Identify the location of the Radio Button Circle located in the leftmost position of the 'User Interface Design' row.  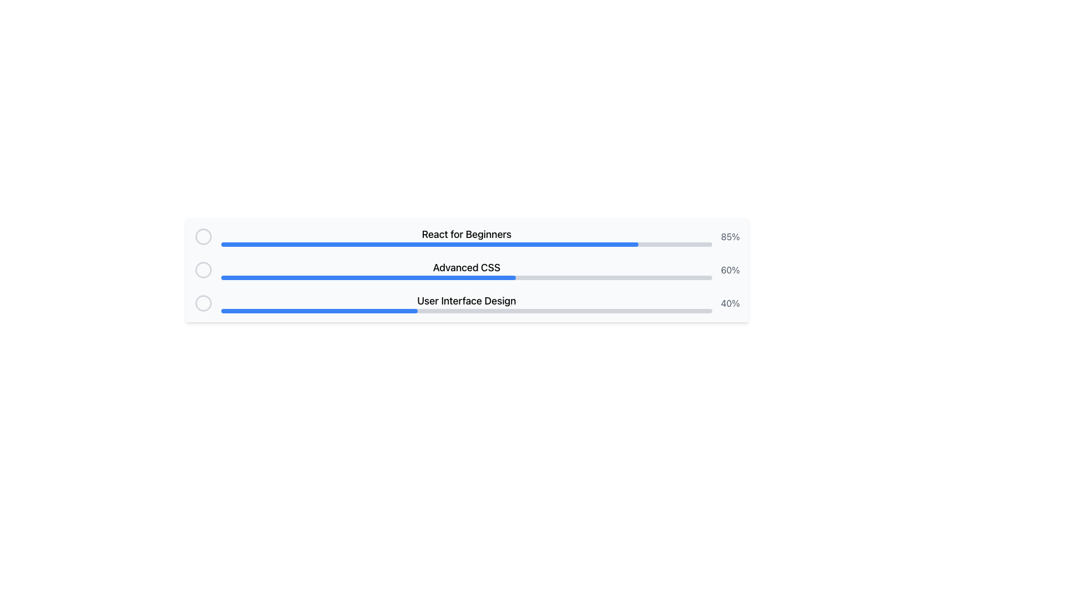
(203, 303).